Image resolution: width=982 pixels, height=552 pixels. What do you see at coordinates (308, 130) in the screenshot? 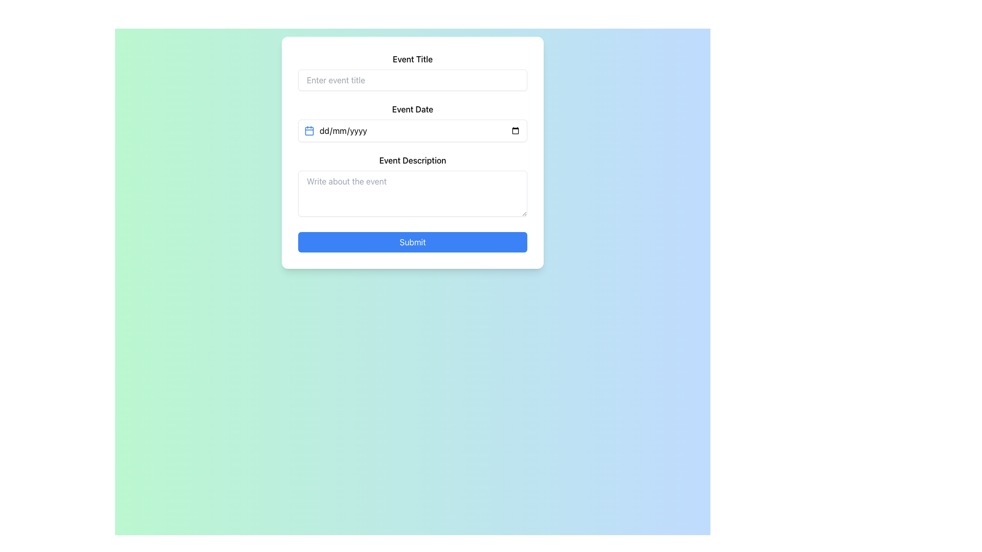
I see `the blue calendar icon located to the left of the 'Event Date' input field` at bounding box center [308, 130].